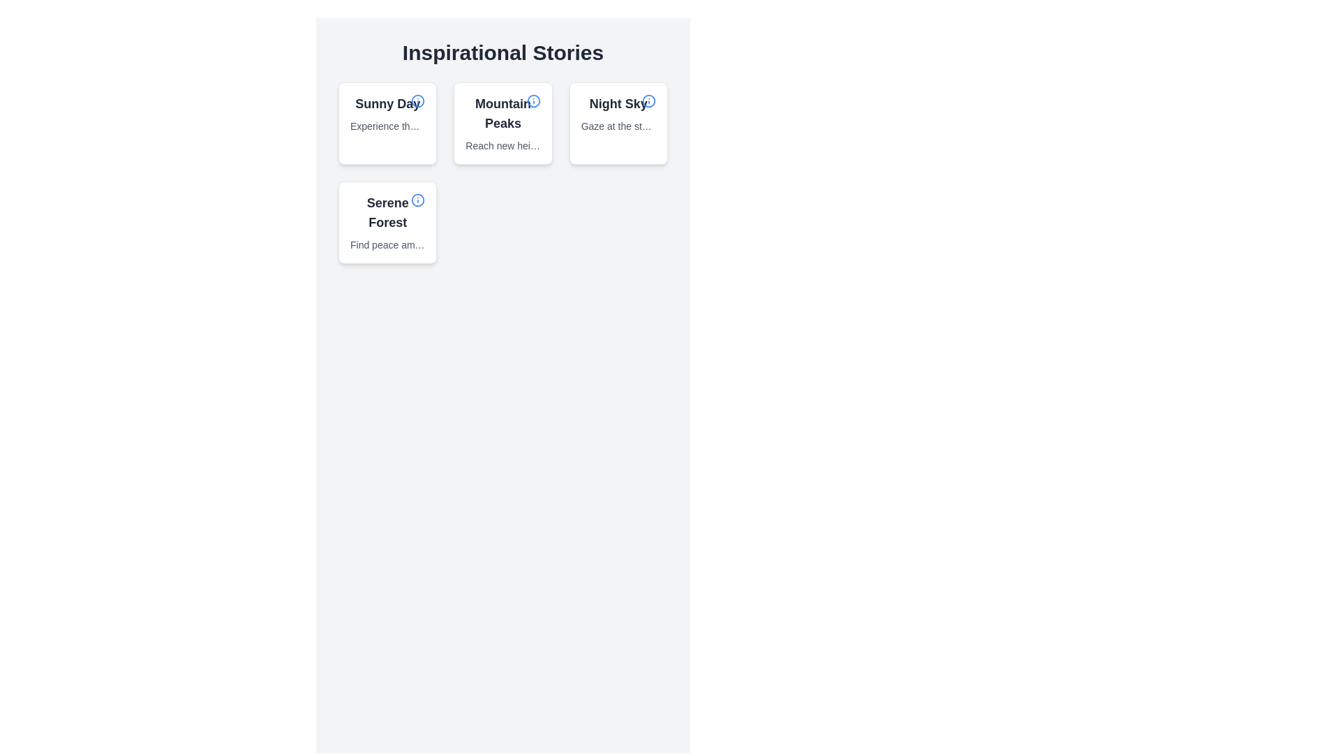 Image resolution: width=1340 pixels, height=754 pixels. Describe the element at coordinates (648, 101) in the screenshot. I see `the circular icon representing the outer boundary of the 'info' icon in the card titled 'Night Sky', located at the top-right corner among the group of cards under 'Inspirational Stories'` at that location.